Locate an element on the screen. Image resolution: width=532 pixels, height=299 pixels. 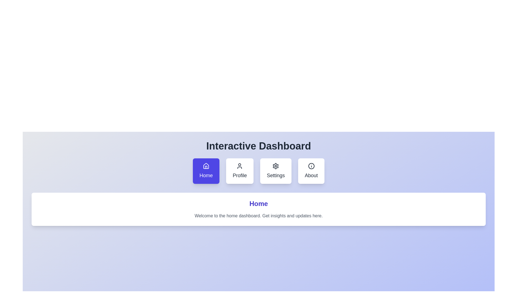
text header 'Interactive Dashboard' displayed in bold and large font at the top-center of the interface is located at coordinates (258, 146).